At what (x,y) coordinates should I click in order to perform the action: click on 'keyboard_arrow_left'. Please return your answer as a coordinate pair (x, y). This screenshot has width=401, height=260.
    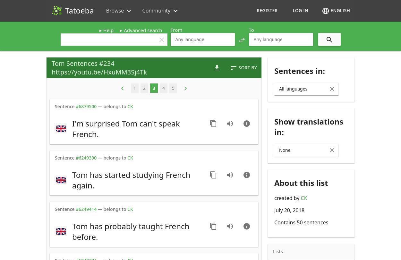
    Looking at the image, I should click on (122, 88).